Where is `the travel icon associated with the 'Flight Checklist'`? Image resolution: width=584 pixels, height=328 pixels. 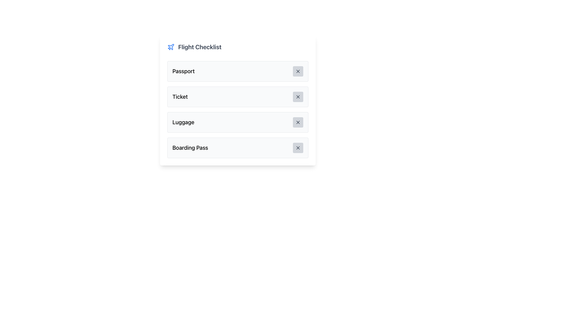
the travel icon associated with the 'Flight Checklist' is located at coordinates (171, 46).